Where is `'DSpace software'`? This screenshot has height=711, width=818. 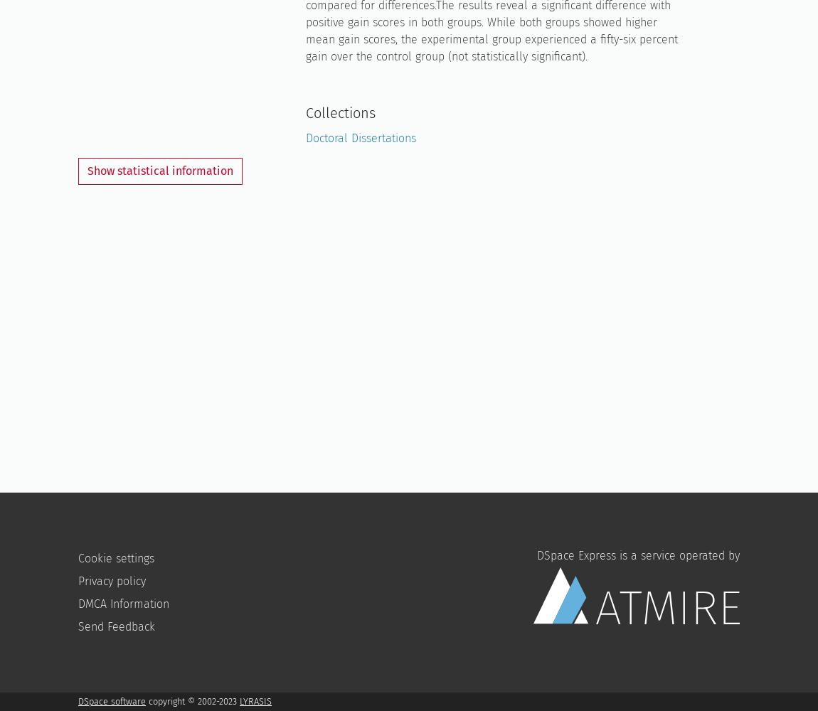
'DSpace software' is located at coordinates (111, 700).